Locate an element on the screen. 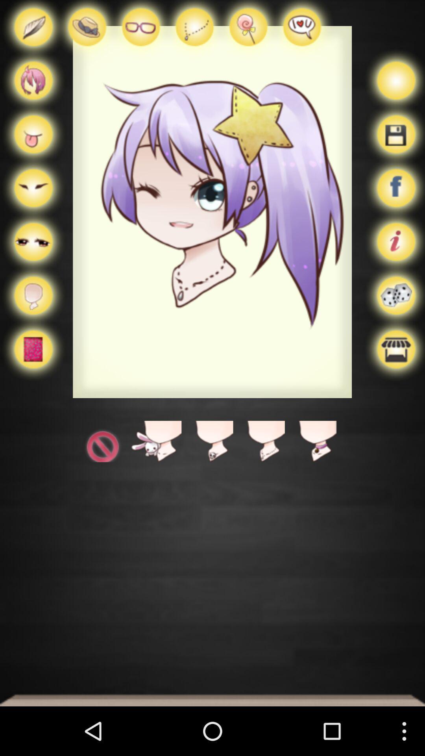  the star icon is located at coordinates (259, 472).